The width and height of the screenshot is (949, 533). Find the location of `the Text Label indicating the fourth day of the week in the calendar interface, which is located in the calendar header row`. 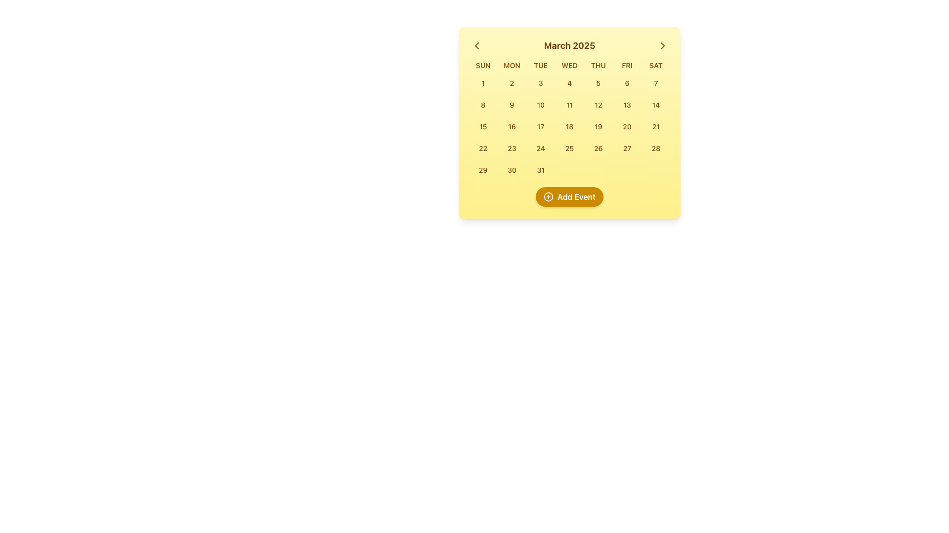

the Text Label indicating the fourth day of the week in the calendar interface, which is located in the calendar header row is located at coordinates (569, 65).